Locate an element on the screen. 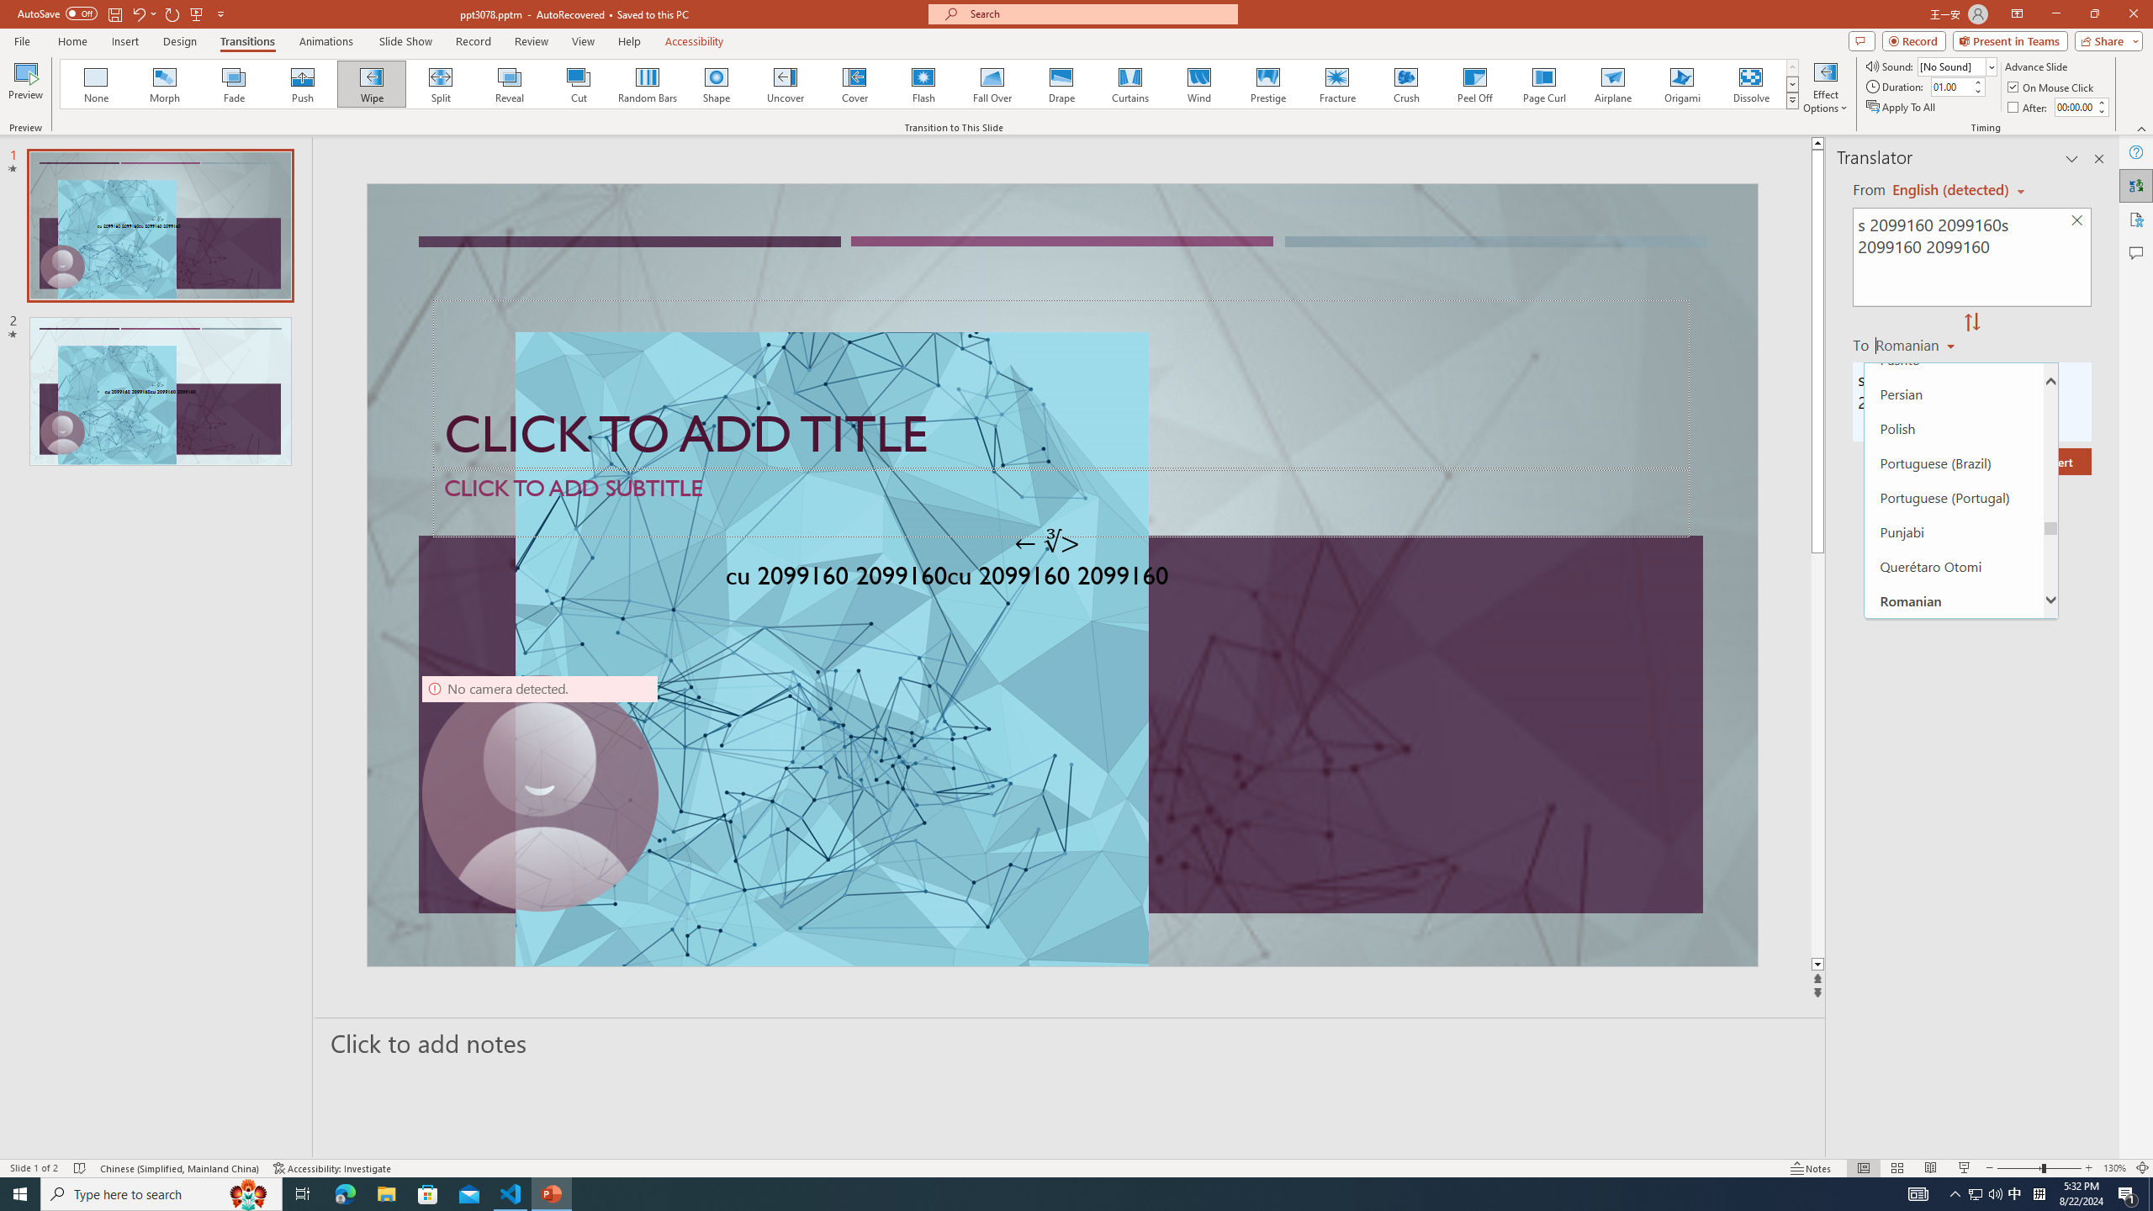 The height and width of the screenshot is (1211, 2153). 'Flash' is located at coordinates (923, 83).